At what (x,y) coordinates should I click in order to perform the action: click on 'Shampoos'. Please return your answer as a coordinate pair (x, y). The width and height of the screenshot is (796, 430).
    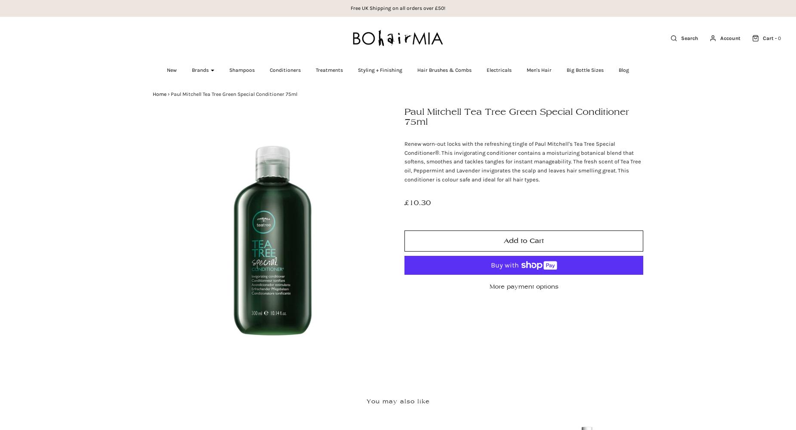
    Looking at the image, I should click on (229, 70).